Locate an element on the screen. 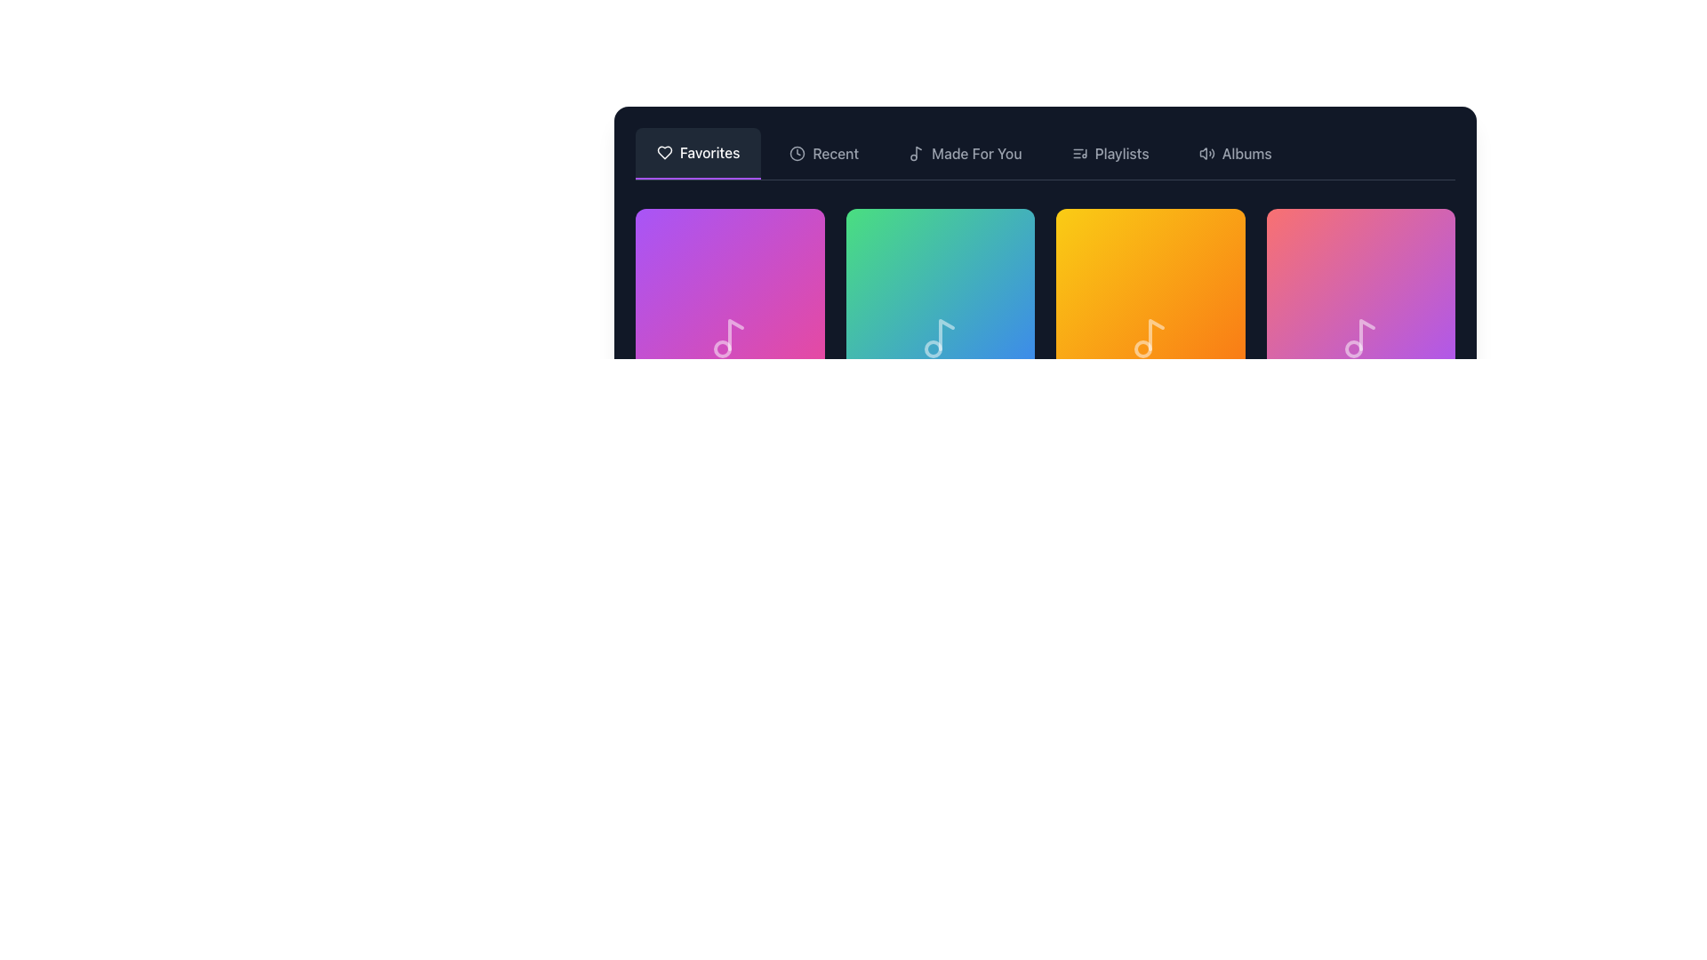 This screenshot has height=960, width=1707. 'Favorites' label text located within the button component in the top-left corner of the navigation bar is located at coordinates (709, 152).